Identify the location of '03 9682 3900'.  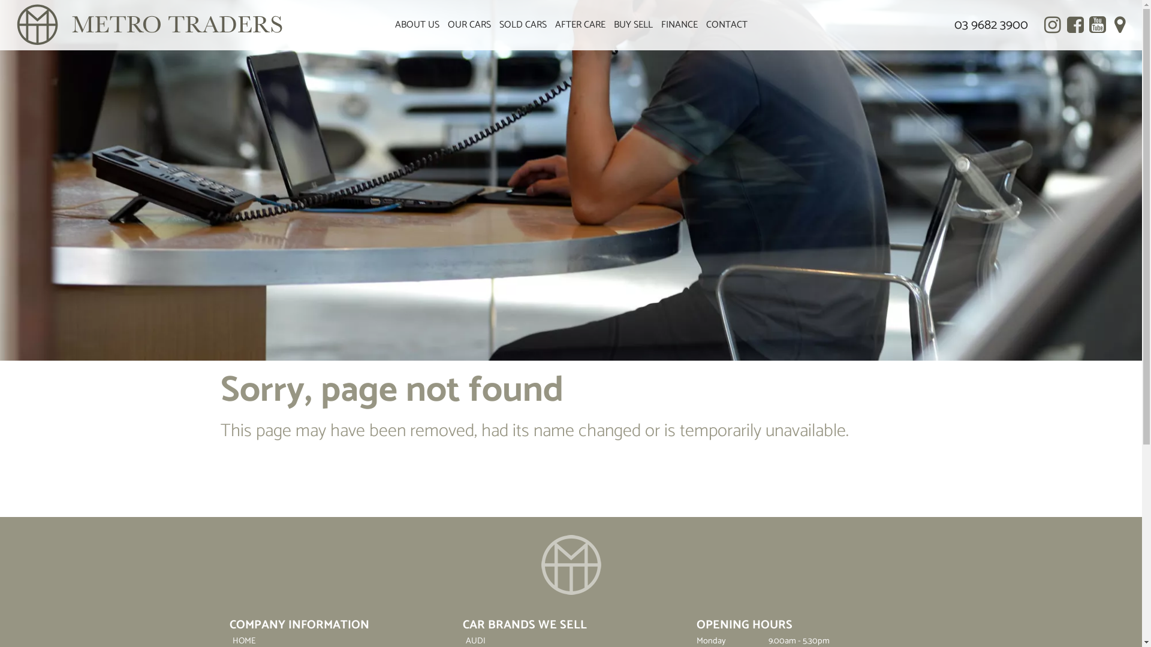
(991, 25).